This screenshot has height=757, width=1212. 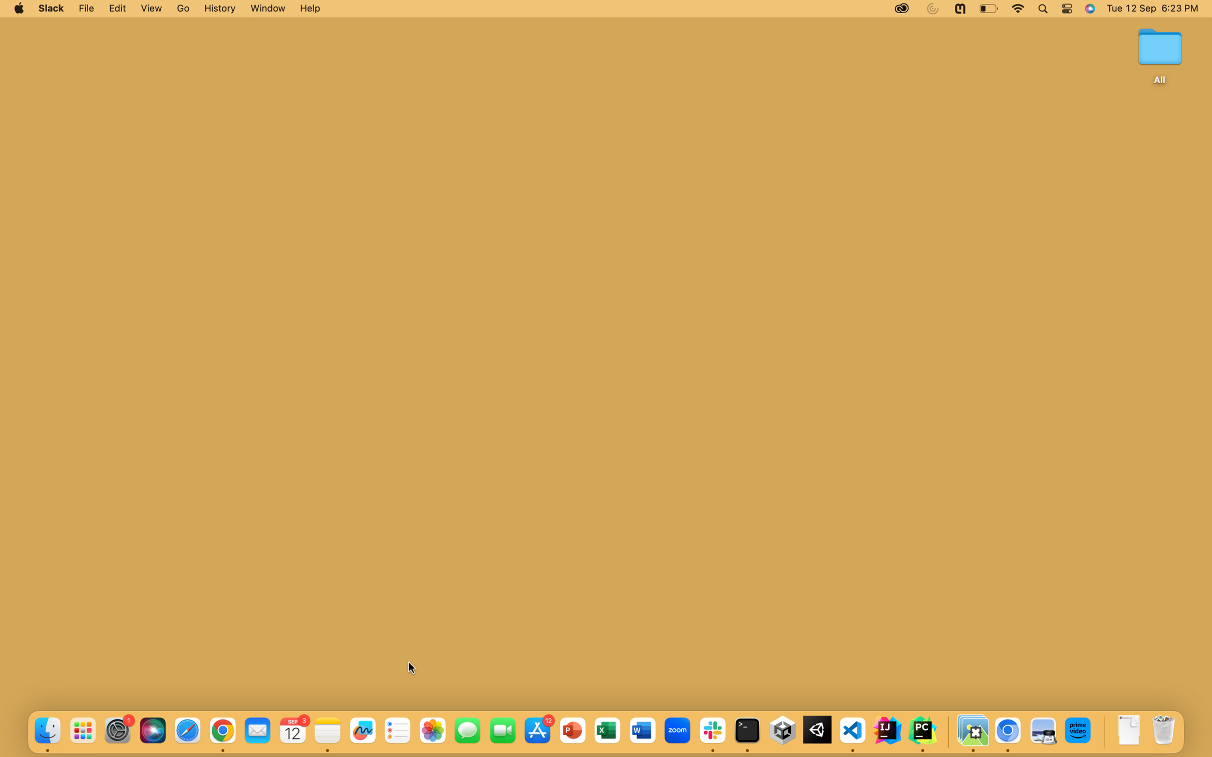 I want to click on Safari using the fifth blue tab at the panel below, so click(x=187, y=730).